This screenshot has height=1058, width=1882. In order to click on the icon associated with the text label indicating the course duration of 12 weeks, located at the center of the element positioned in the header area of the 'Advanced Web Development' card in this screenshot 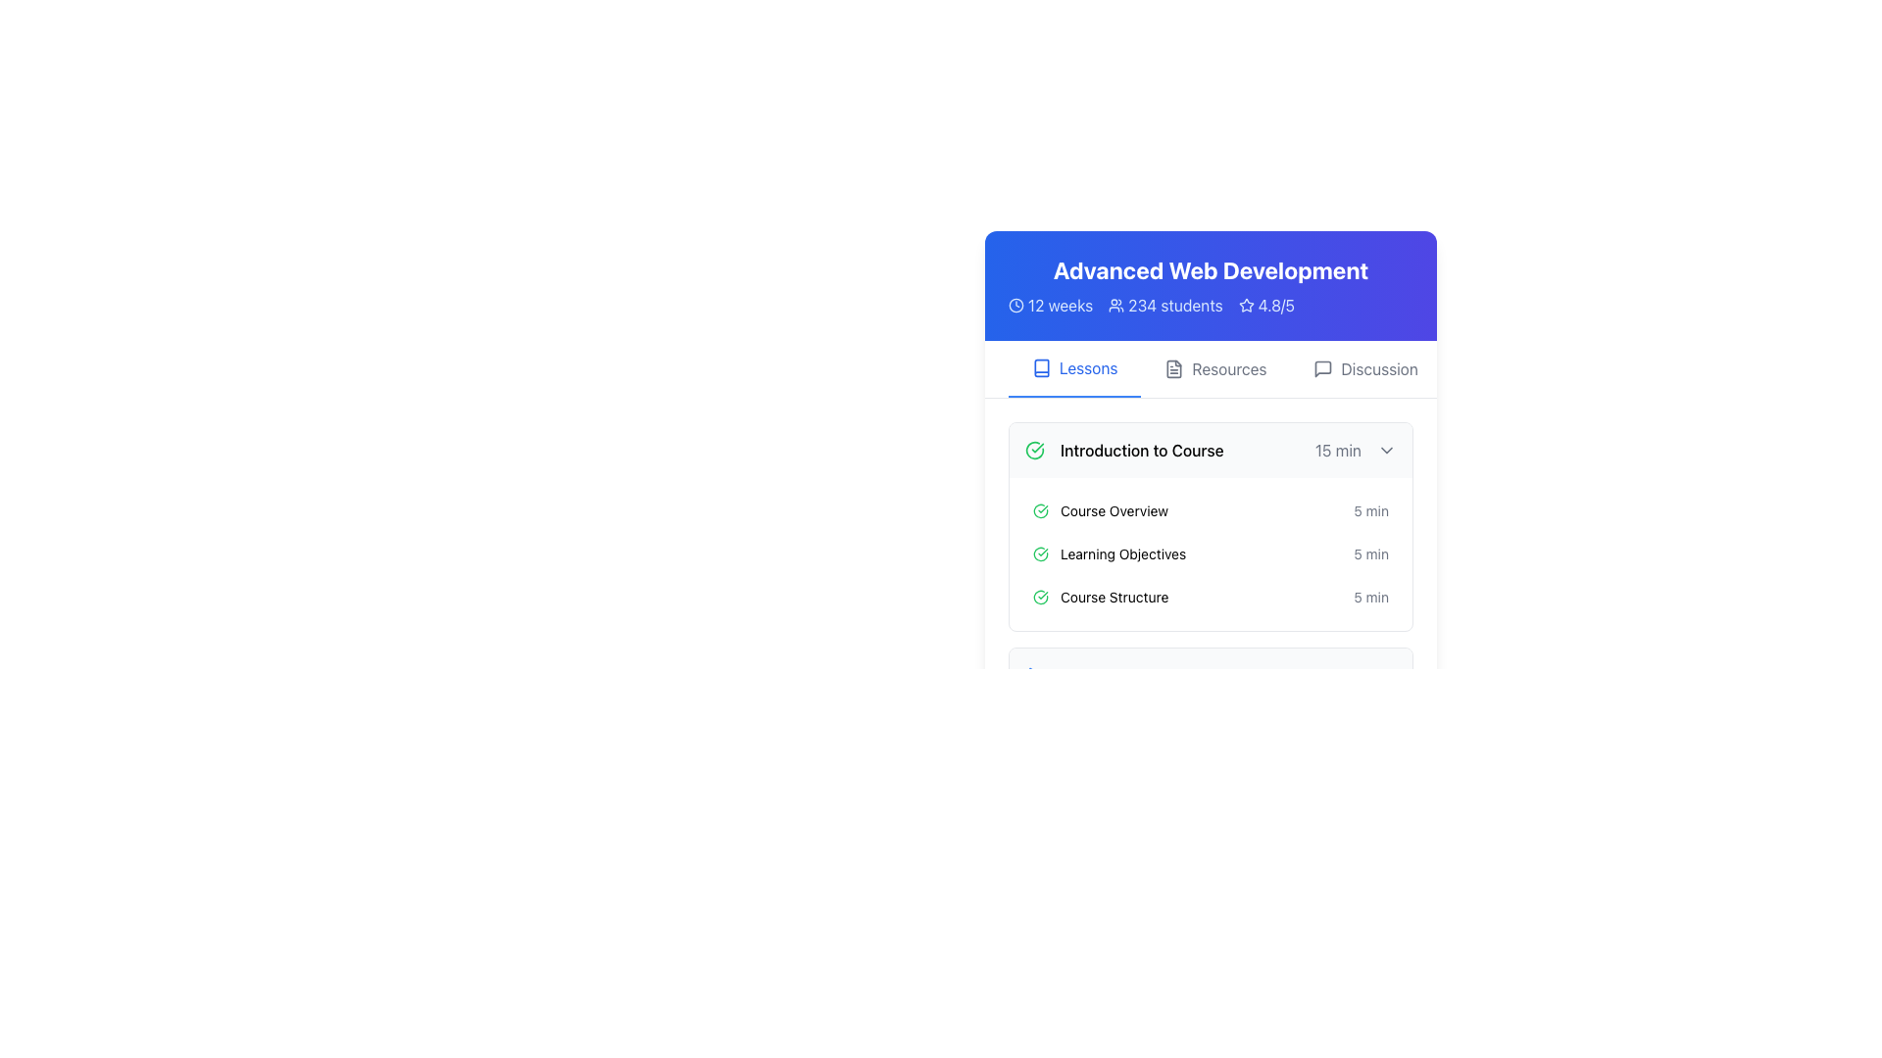, I will do `click(1050, 306)`.